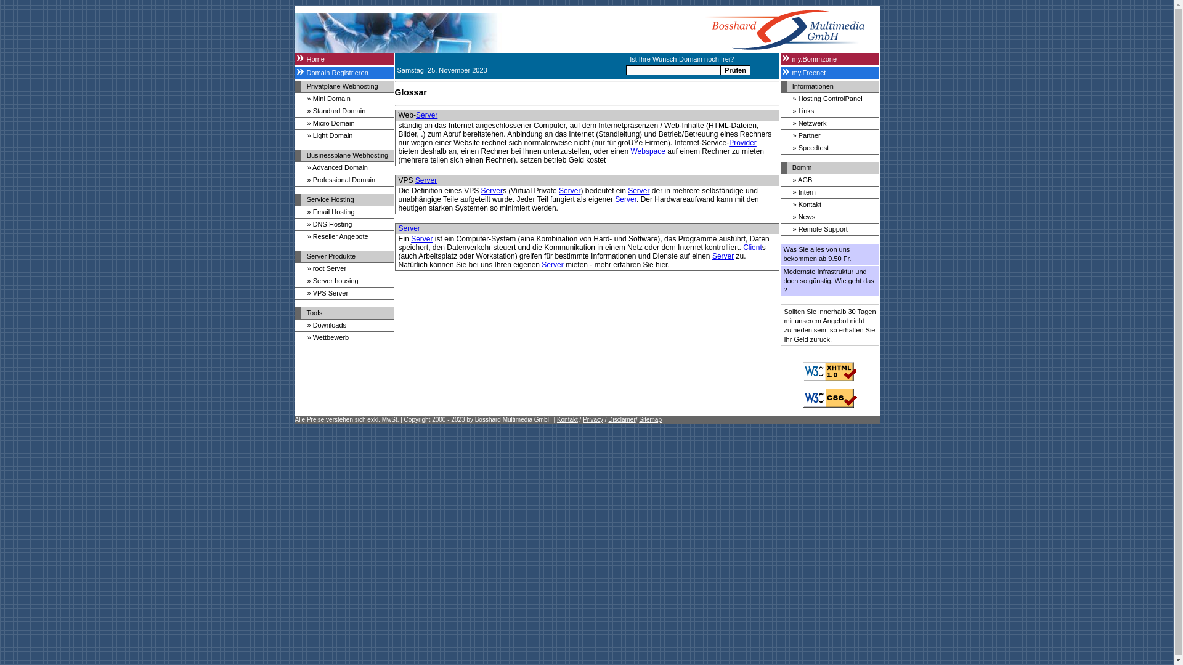 The image size is (1183, 665). What do you see at coordinates (421, 239) in the screenshot?
I see `'Server'` at bounding box center [421, 239].